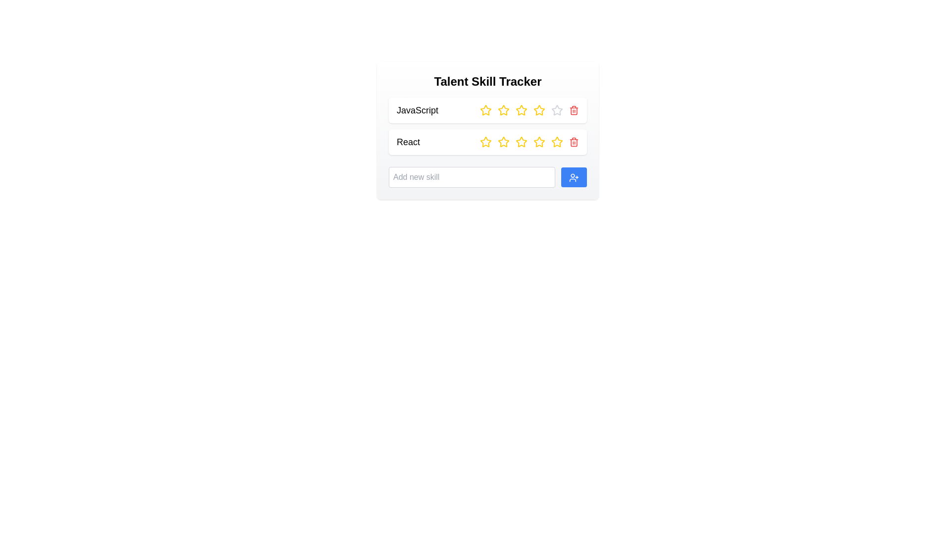  Describe the element at coordinates (539, 142) in the screenshot. I see `the third star in the row of rating stars for the 'React' skill in the 'Talent Skill Tracker' interface` at that location.